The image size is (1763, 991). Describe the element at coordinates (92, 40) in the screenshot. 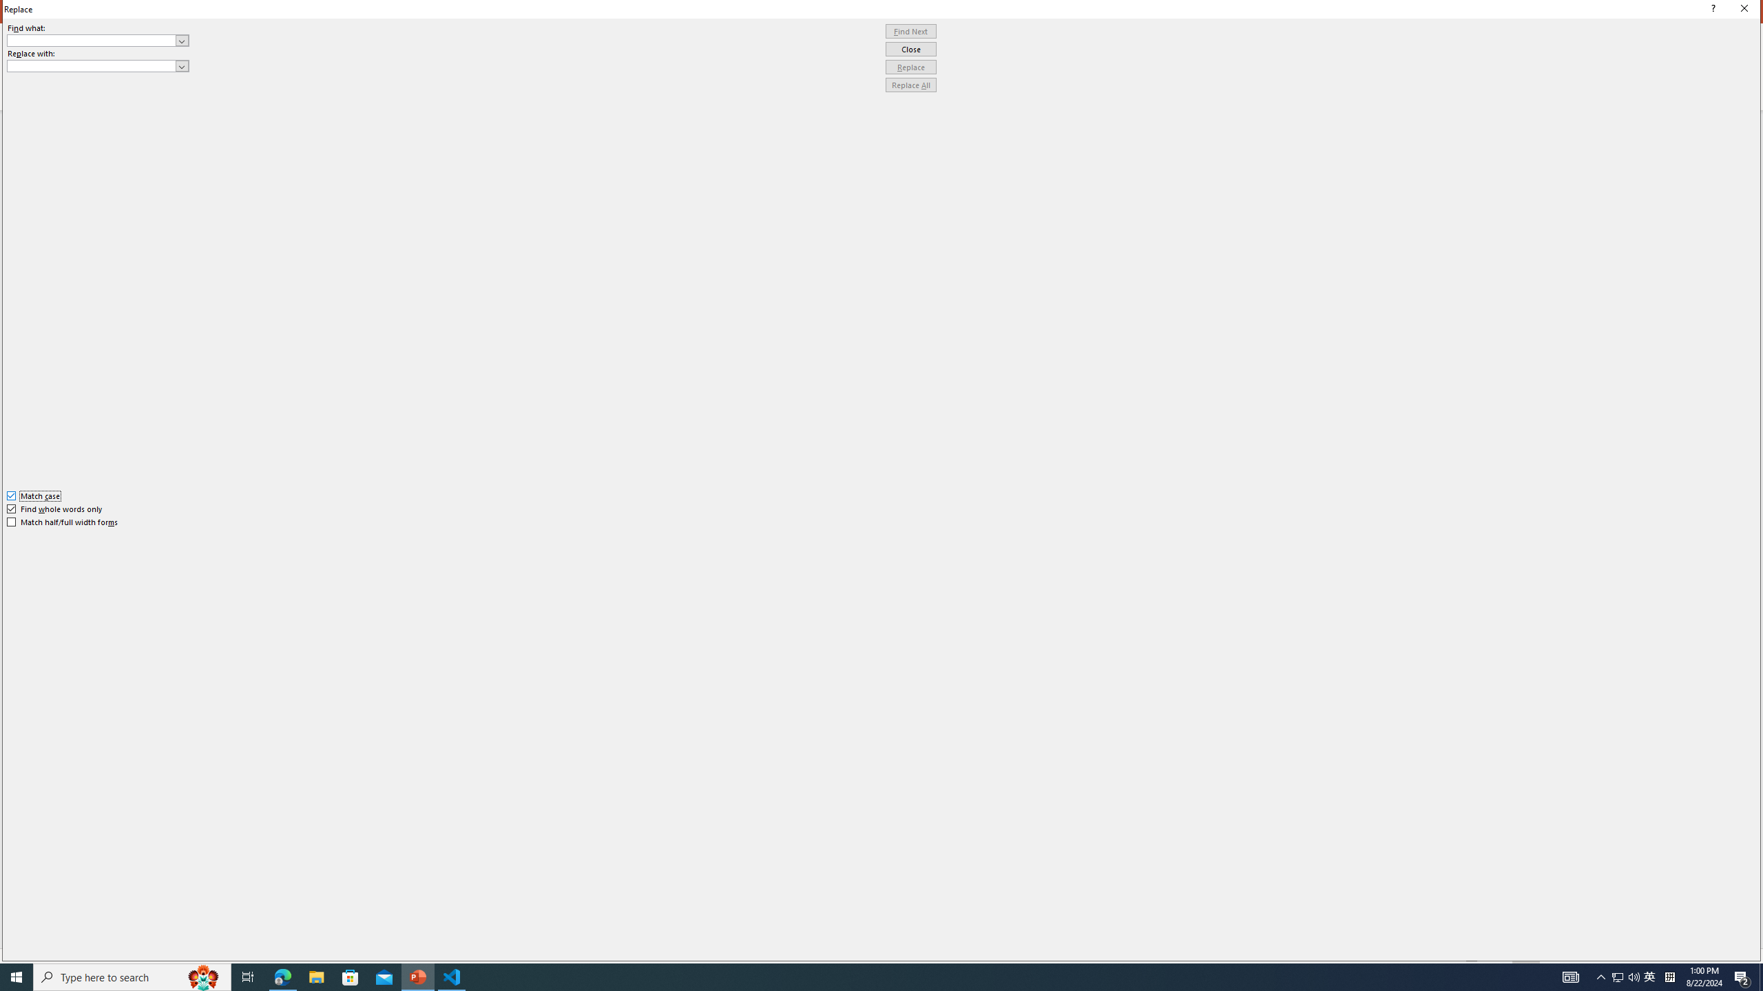

I see `'Find what'` at that location.